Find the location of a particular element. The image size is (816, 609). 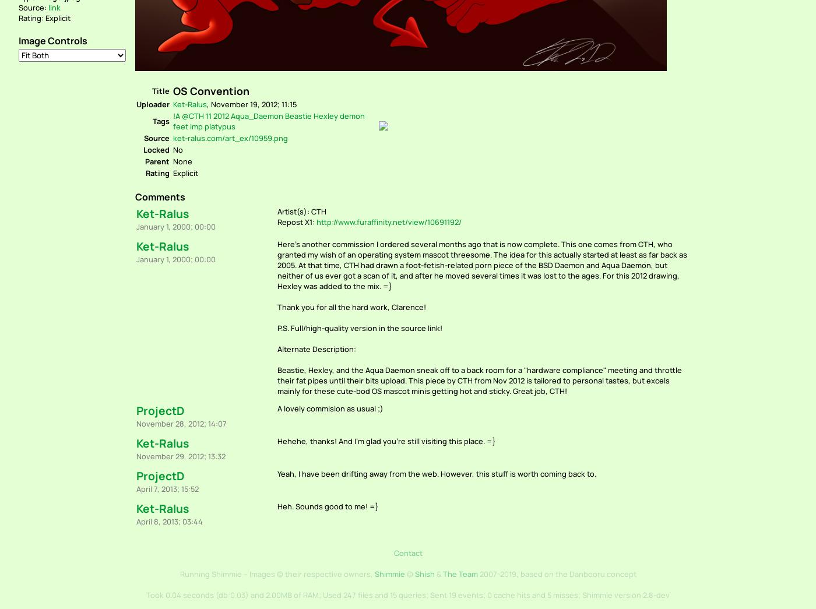

'imp' is located at coordinates (196, 126).